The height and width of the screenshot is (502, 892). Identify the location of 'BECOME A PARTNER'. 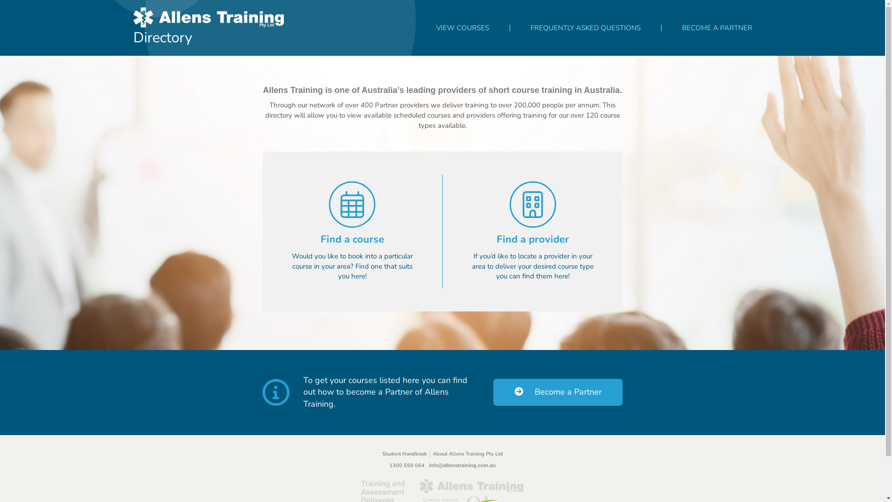
(716, 27).